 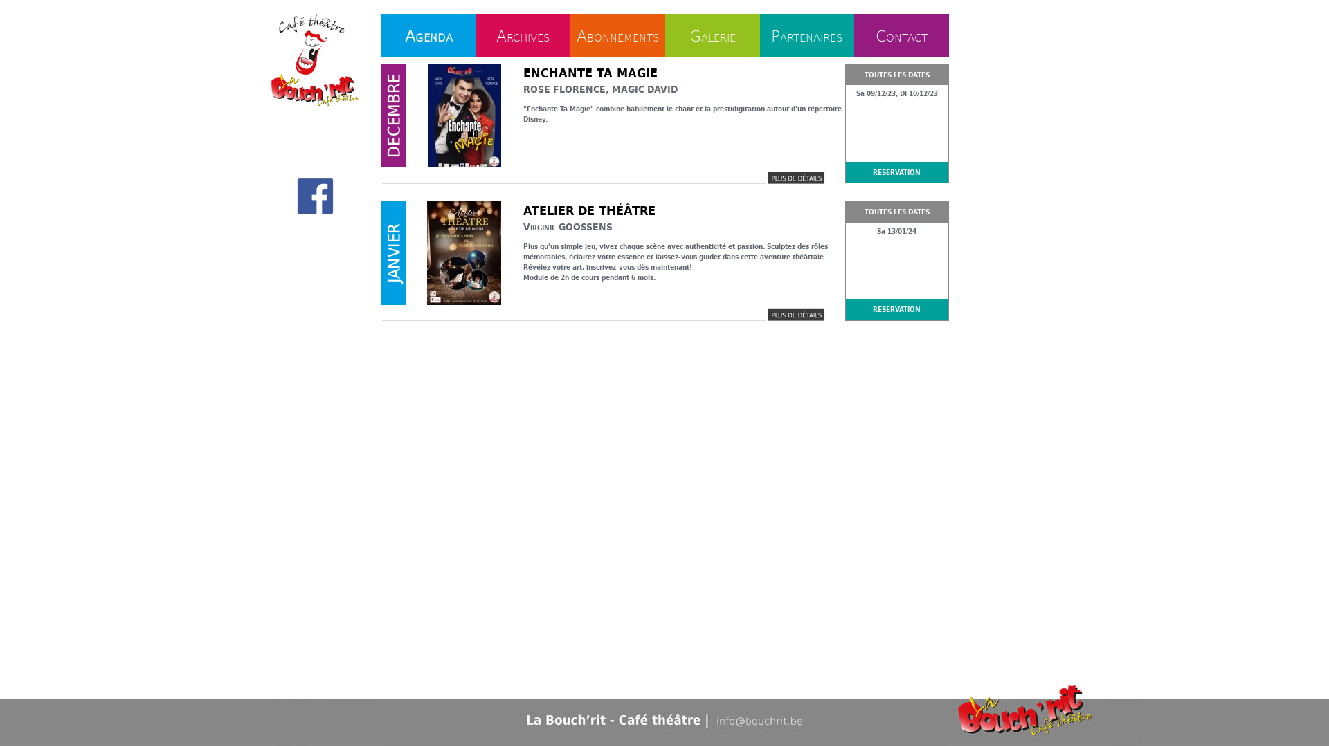 What do you see at coordinates (901, 34) in the screenshot?
I see `'Contact'` at bounding box center [901, 34].